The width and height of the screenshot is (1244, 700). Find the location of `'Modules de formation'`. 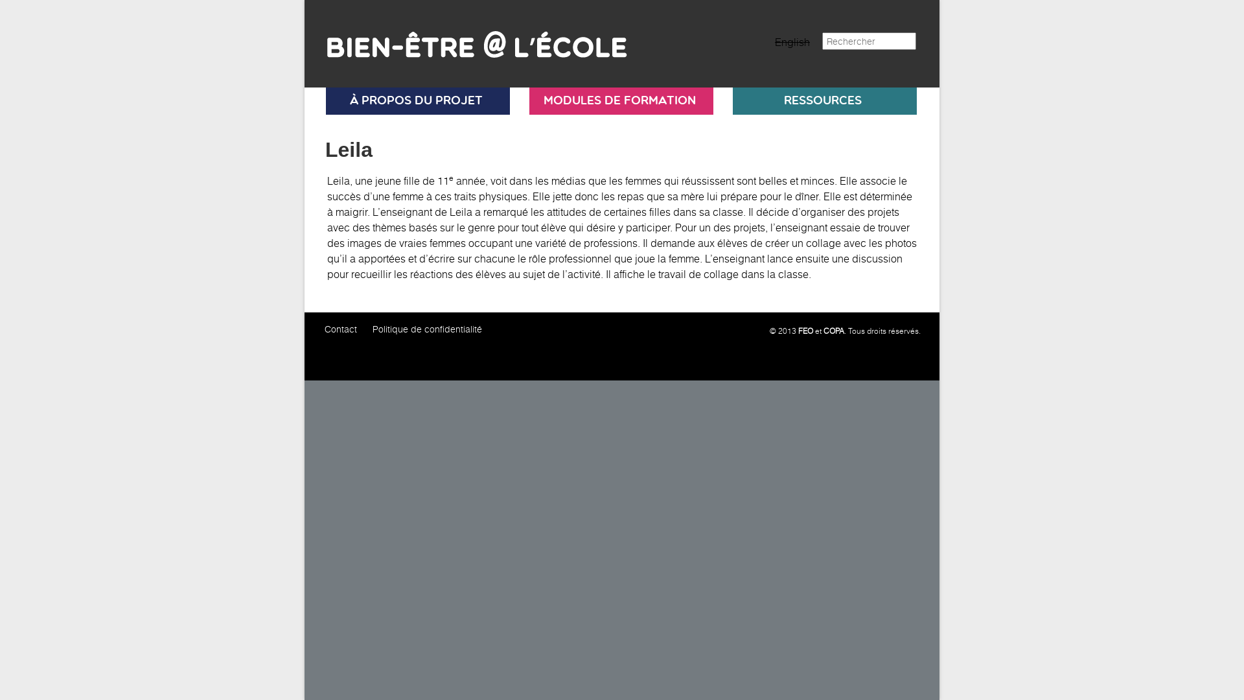

'Modules de formation' is located at coordinates (618, 100).